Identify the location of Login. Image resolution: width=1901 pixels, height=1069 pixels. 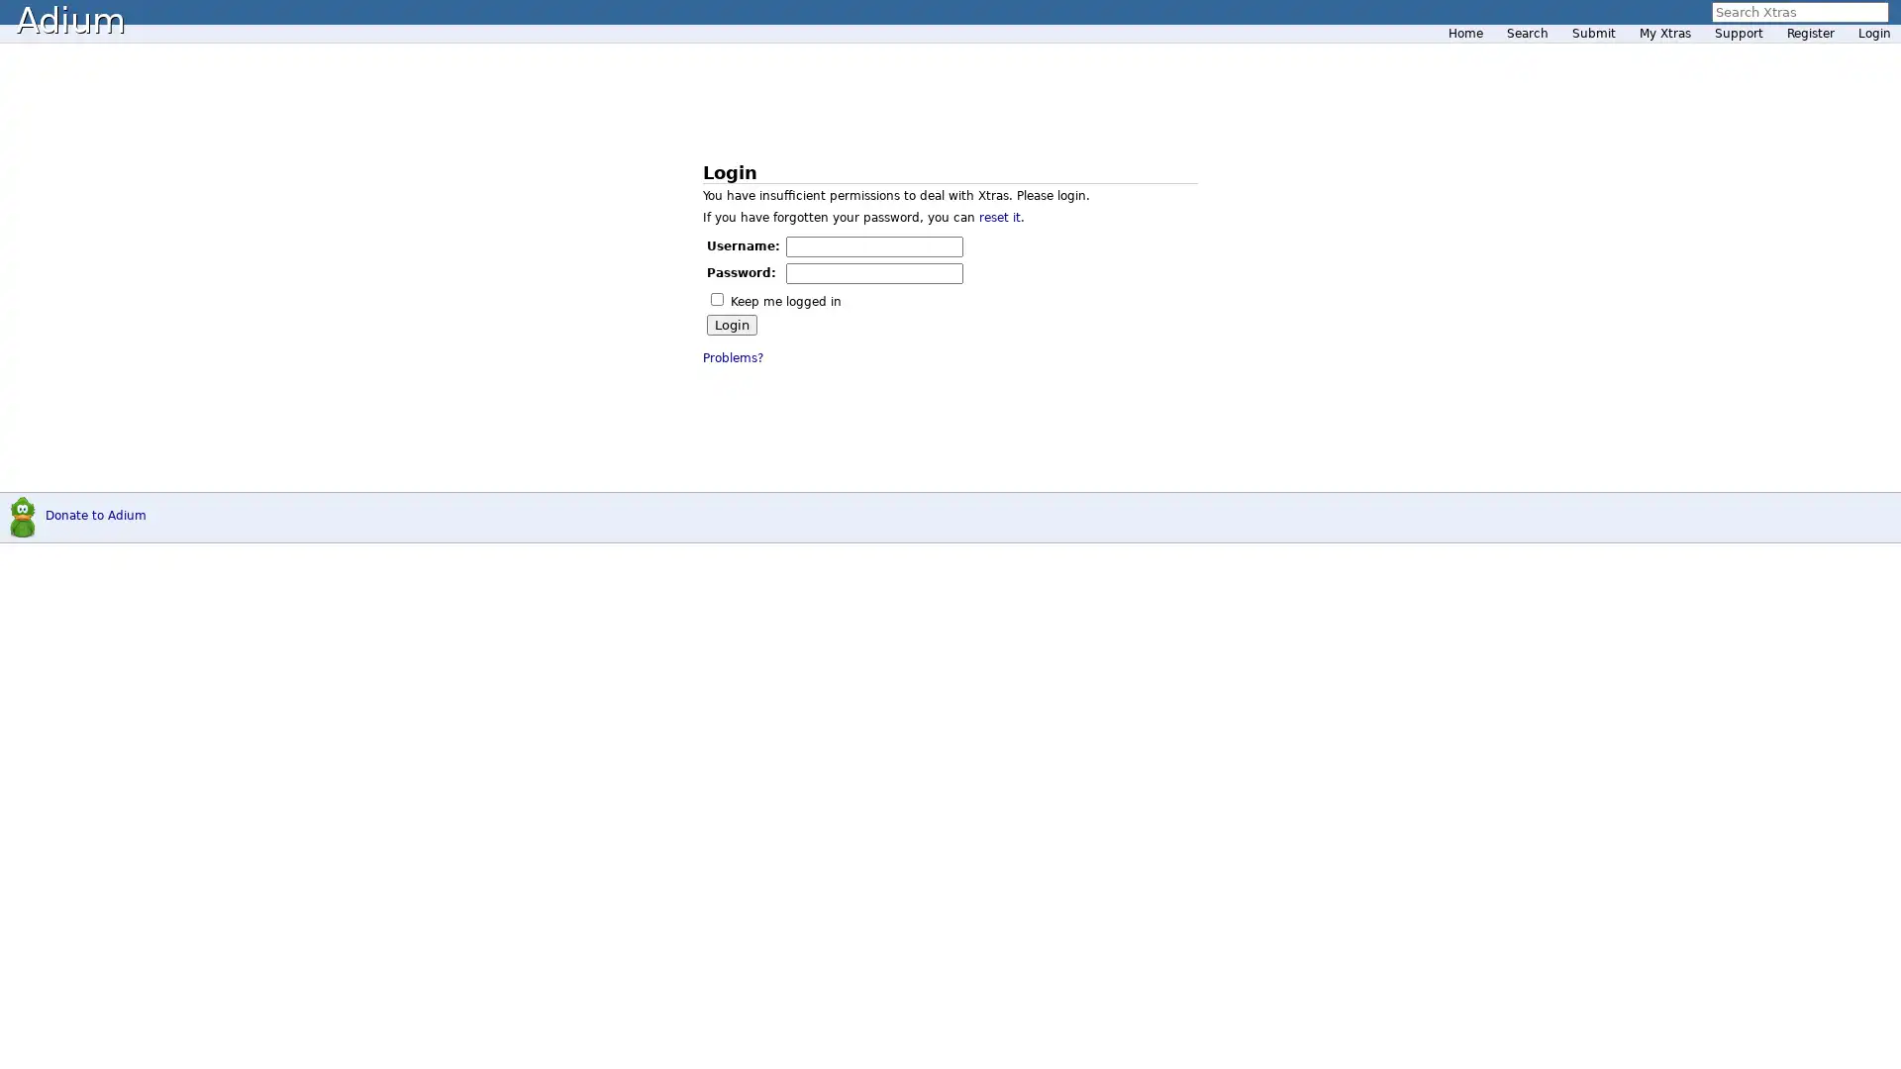
(731, 323).